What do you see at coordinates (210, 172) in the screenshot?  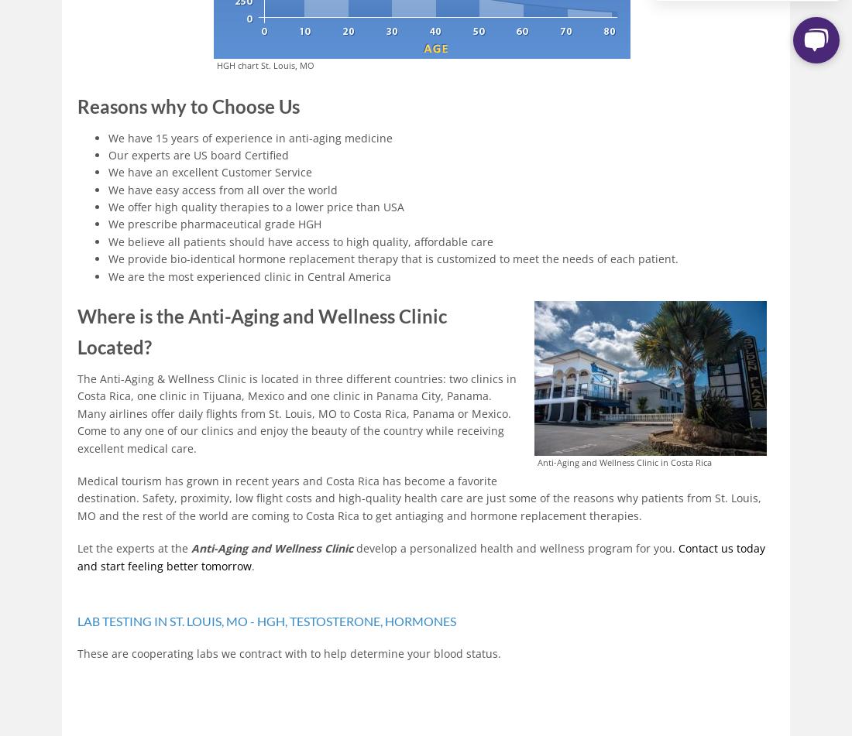 I see `'We have an excellent Customer Service'` at bounding box center [210, 172].